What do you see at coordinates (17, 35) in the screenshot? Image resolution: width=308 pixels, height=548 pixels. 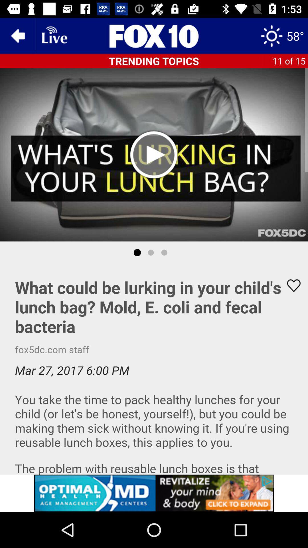 I see `go back` at bounding box center [17, 35].